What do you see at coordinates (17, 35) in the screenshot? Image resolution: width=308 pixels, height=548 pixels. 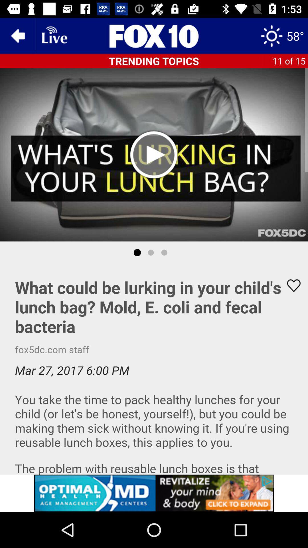 I see `go back` at bounding box center [17, 35].